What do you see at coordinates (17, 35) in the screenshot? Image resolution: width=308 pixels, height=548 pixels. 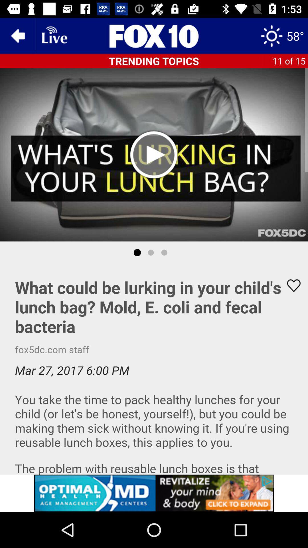 I see `go back` at bounding box center [17, 35].